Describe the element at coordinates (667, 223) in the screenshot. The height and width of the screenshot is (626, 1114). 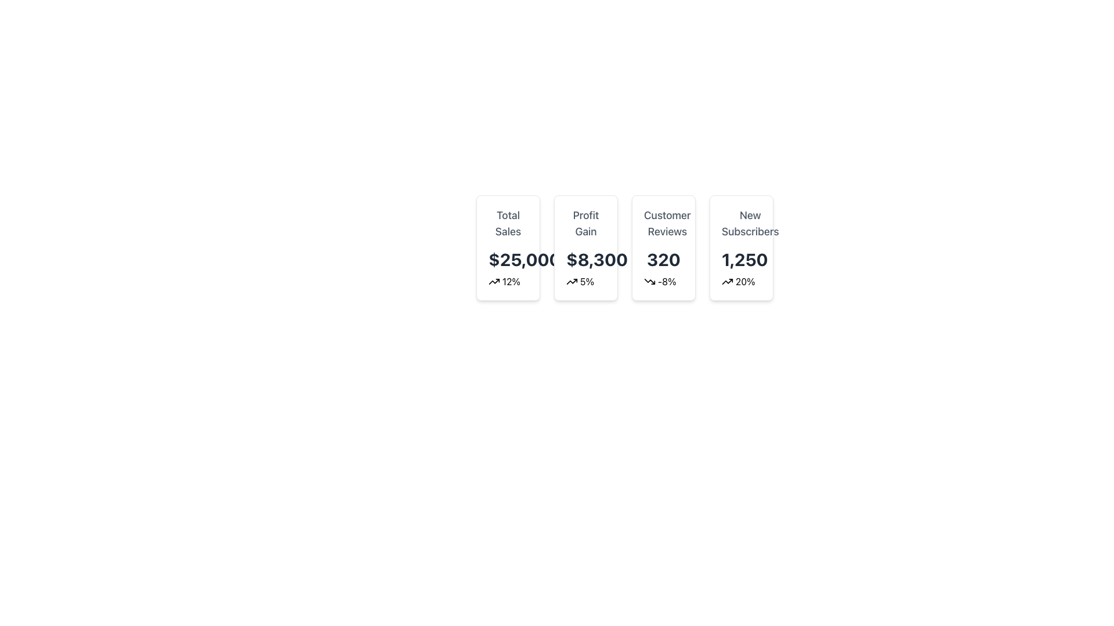
I see `the 'Customer Reviews' static text label, which is styled in a large, bold gray font and is located in the third card from the left, above the customer reviews value` at that location.